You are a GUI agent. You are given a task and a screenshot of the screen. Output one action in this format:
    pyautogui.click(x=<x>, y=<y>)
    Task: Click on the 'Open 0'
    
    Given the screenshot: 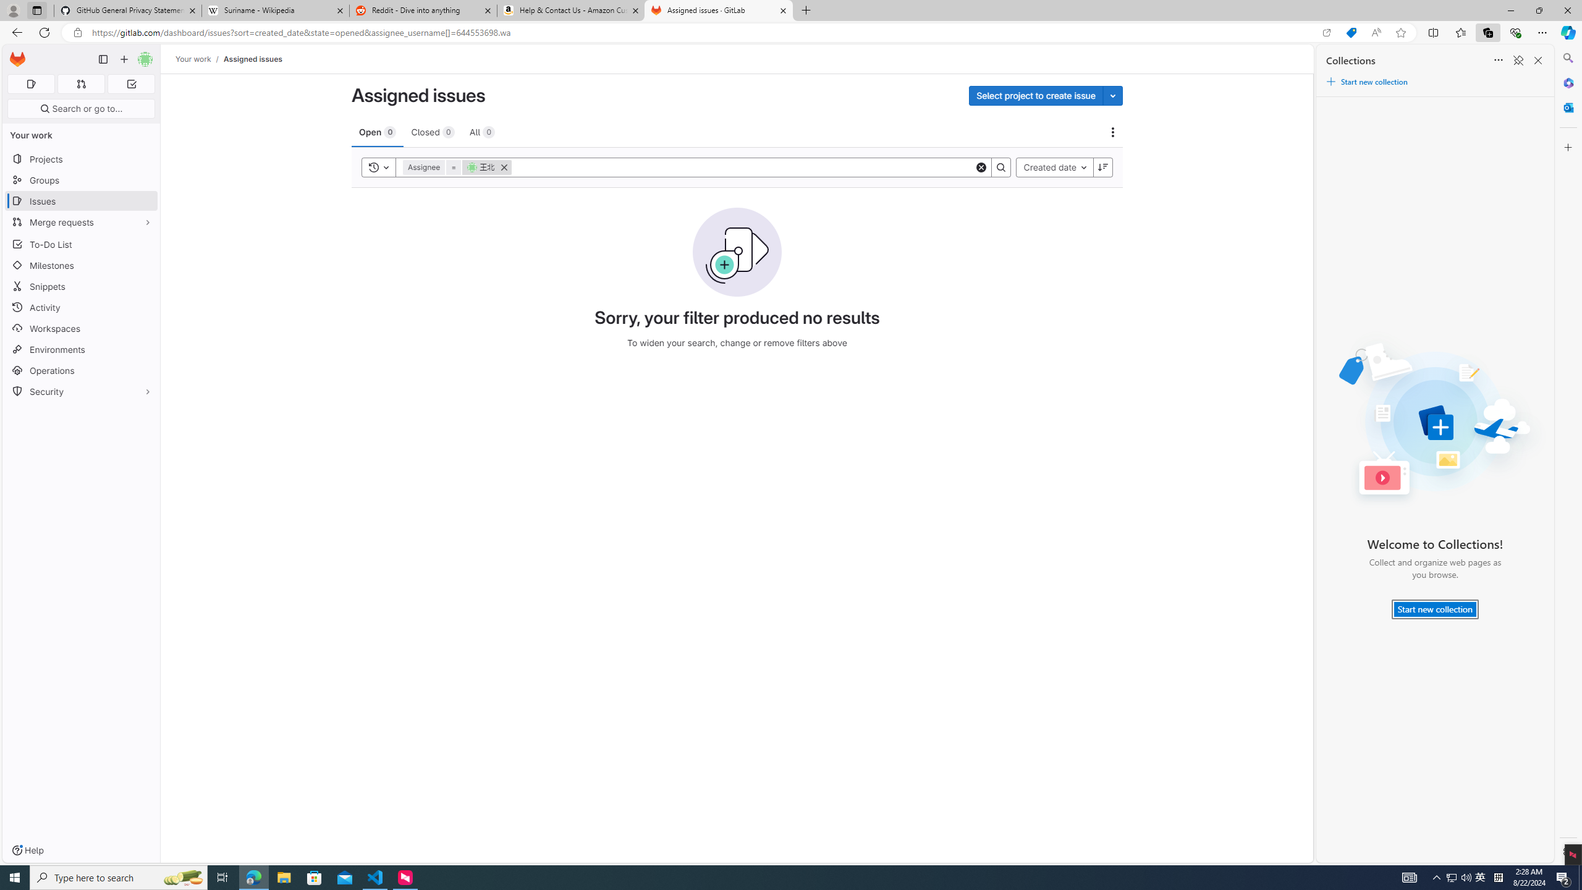 What is the action you would take?
    pyautogui.click(x=377, y=131)
    